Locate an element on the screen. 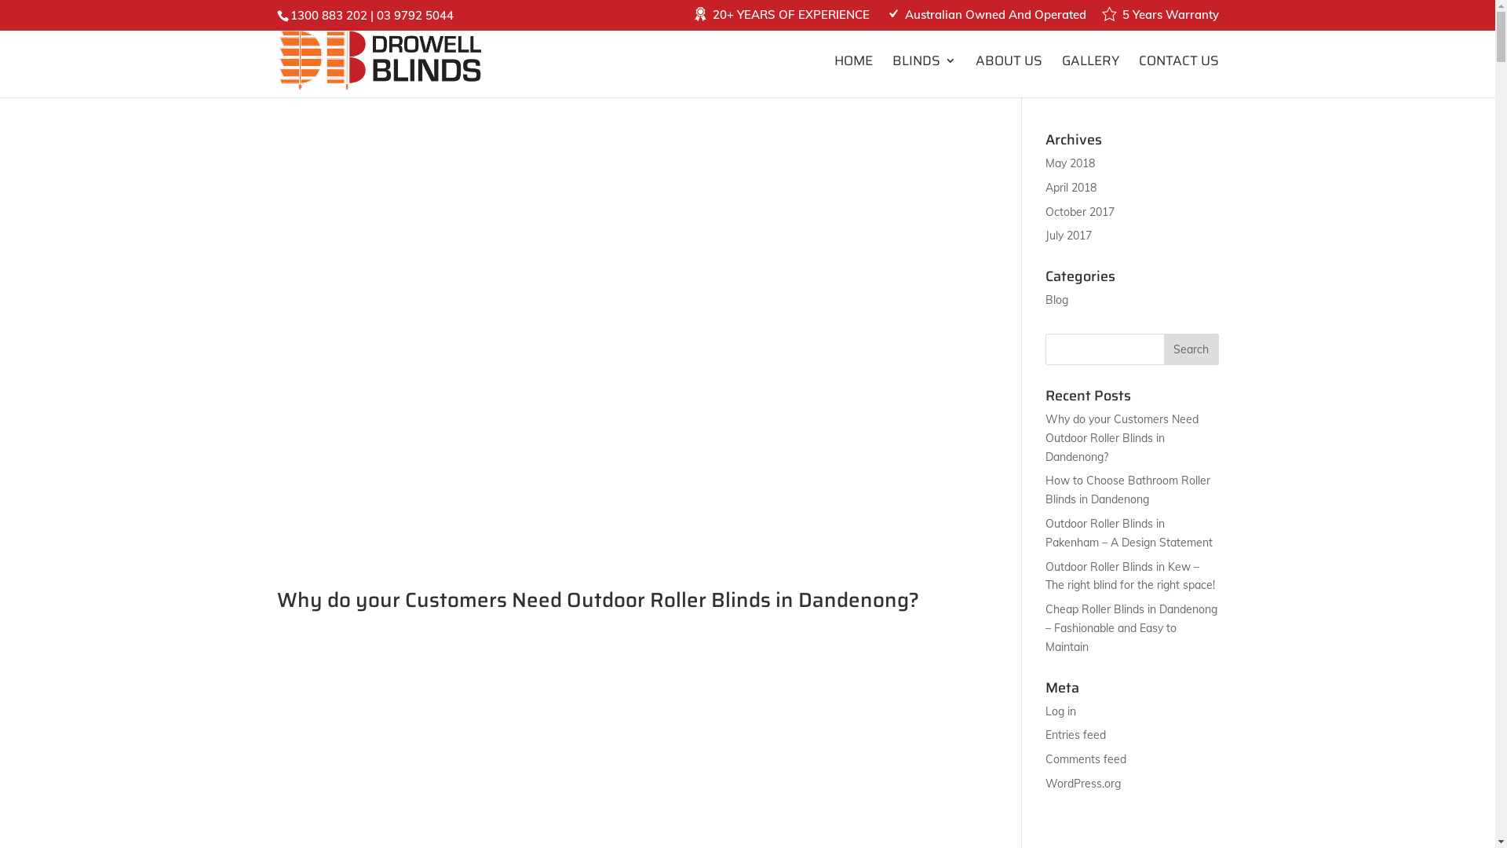 The width and height of the screenshot is (1507, 848). 'GALLERY' is located at coordinates (1089, 75).